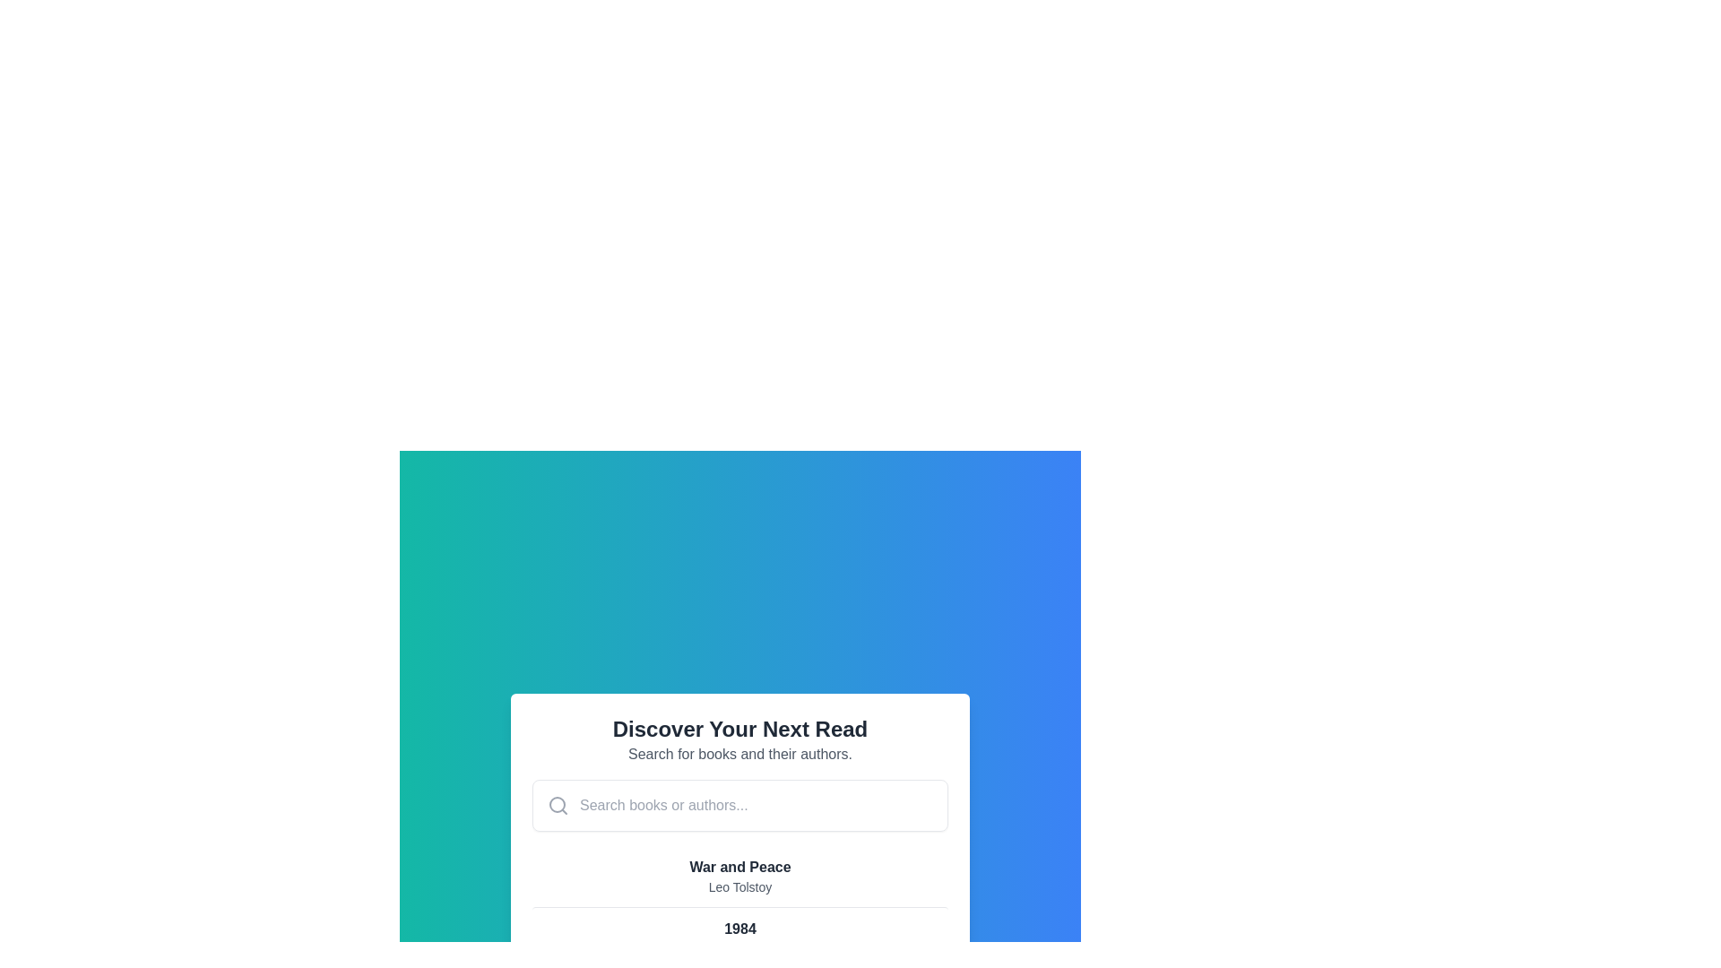  What do you see at coordinates (739, 867) in the screenshot?
I see `the title text displaying 'War and Peace'` at bounding box center [739, 867].